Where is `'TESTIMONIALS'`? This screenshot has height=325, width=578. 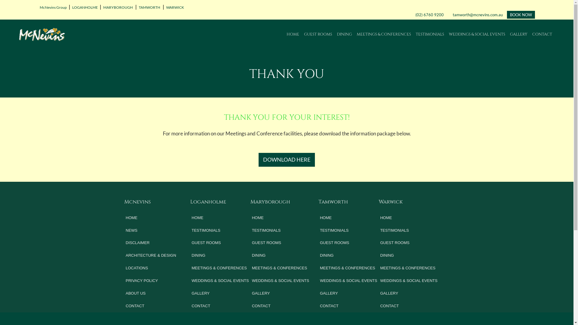
'TESTIMONIALS' is located at coordinates (349, 230).